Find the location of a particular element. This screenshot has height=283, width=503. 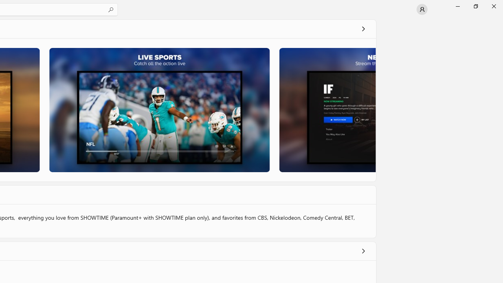

'See all' is located at coordinates (363, 28).